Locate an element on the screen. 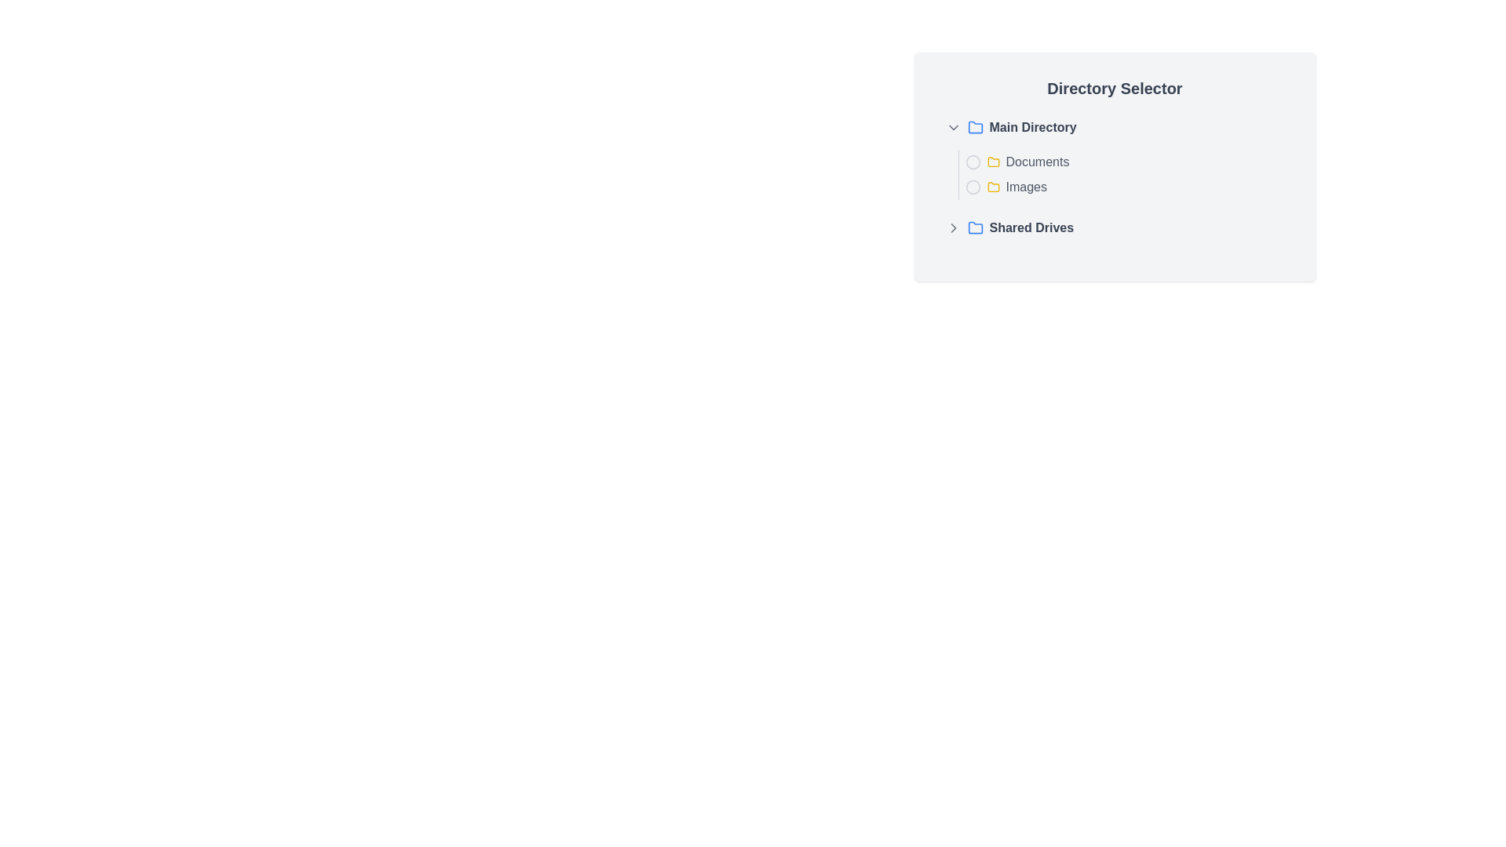 The height and width of the screenshot is (847, 1506). the 'Main Directory' item at the top of the directory listing in the 'Directory Selector' is located at coordinates (1114, 126).